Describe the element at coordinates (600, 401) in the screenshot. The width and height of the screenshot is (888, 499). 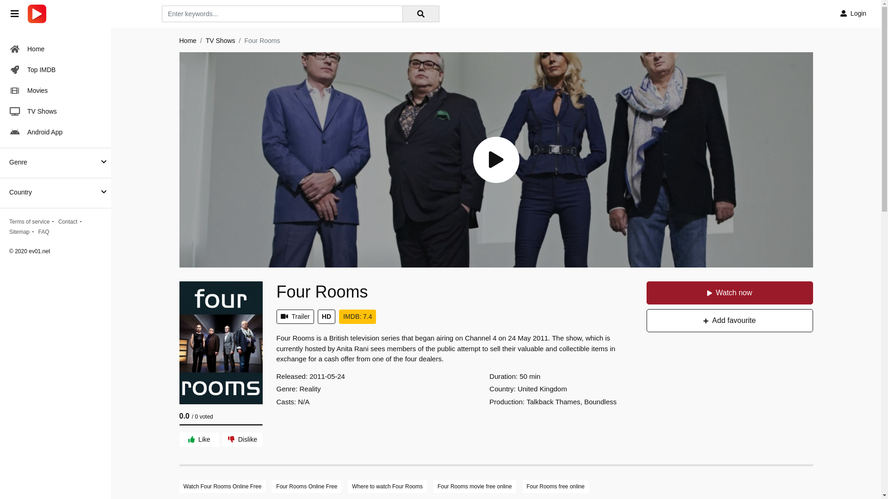
I see `'Boundless'` at that location.